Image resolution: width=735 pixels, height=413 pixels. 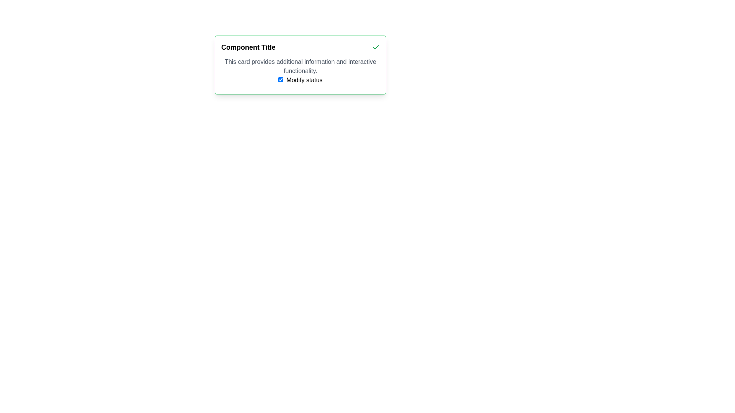 What do you see at coordinates (248, 47) in the screenshot?
I see `text label located at the top-left area of the card-like UI structure, which serves as a title or heading for the associated section` at bounding box center [248, 47].